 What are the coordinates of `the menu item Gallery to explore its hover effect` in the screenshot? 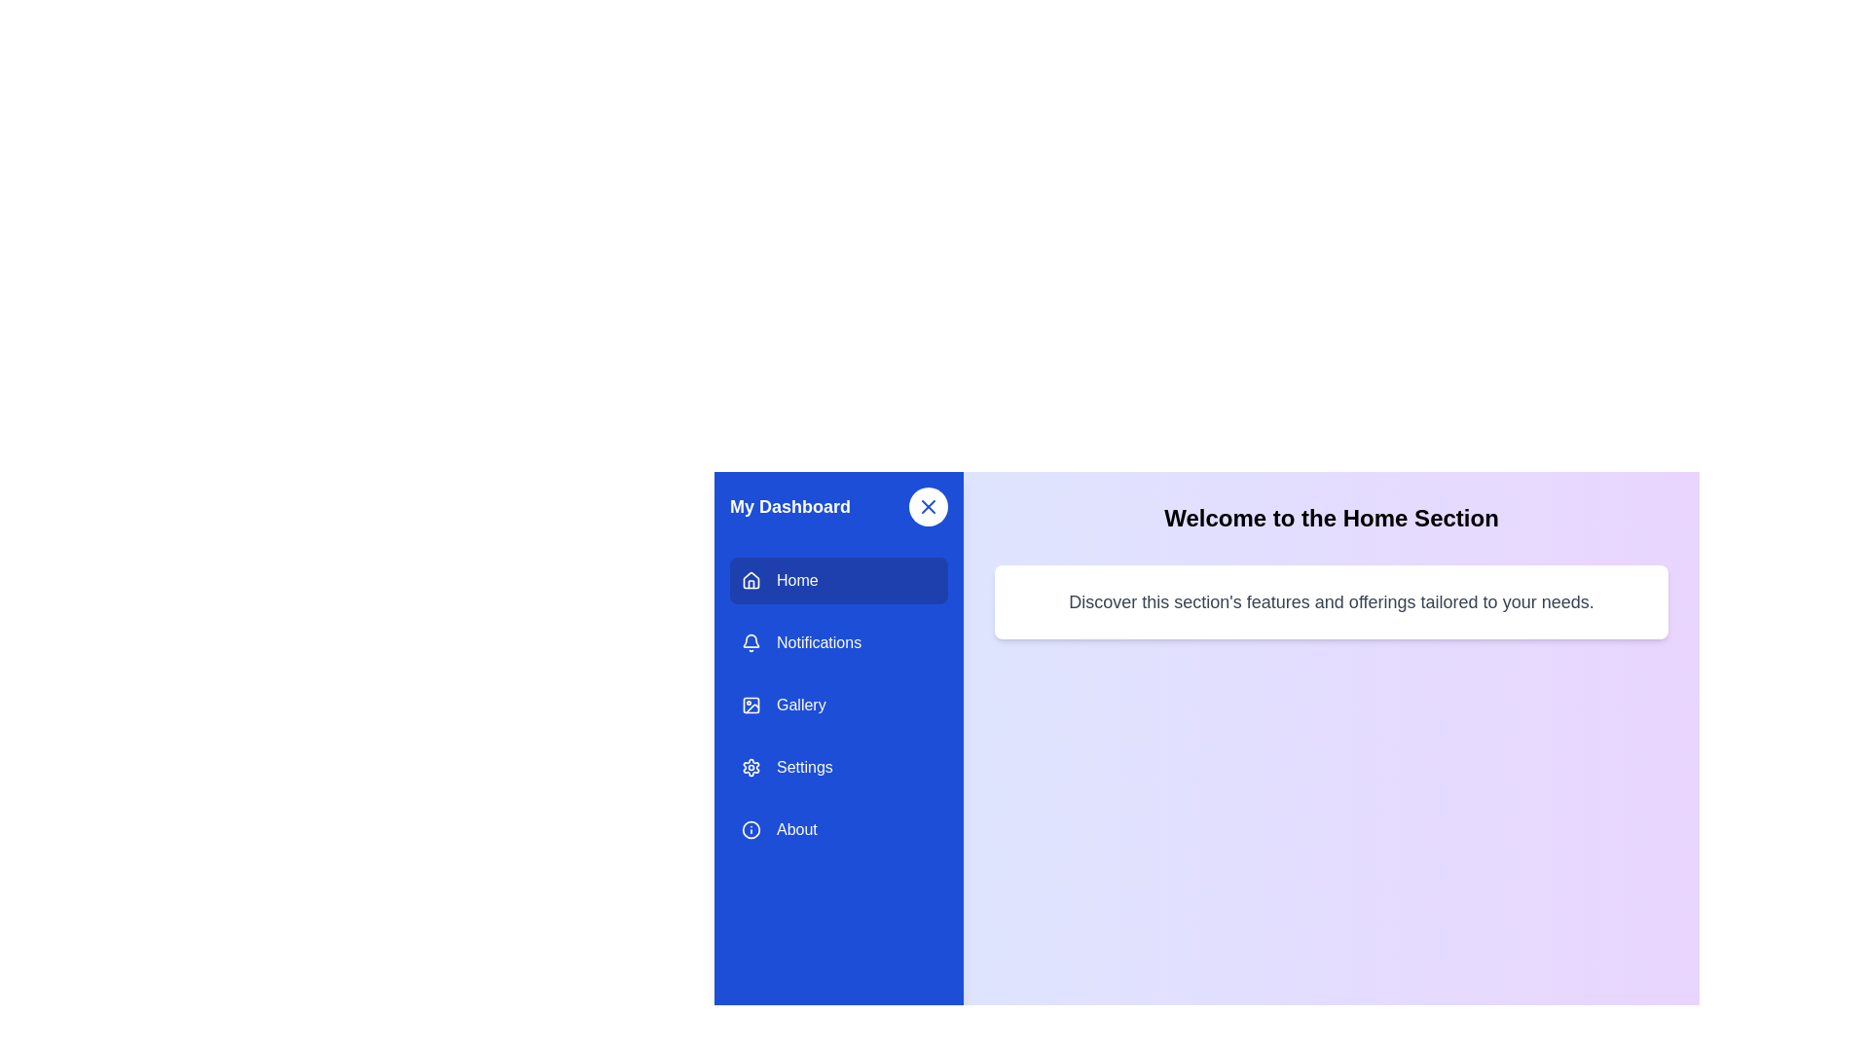 It's located at (839, 706).